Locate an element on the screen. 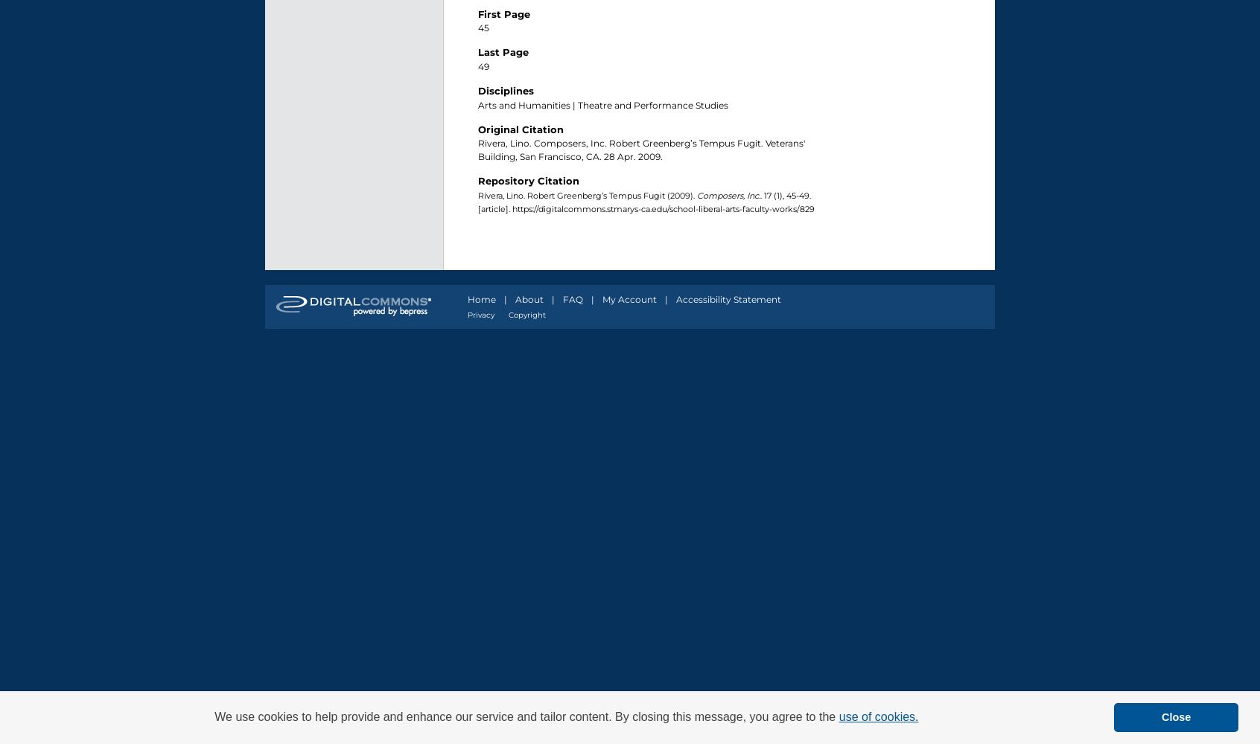 This screenshot has width=1260, height=744. 'Close' is located at coordinates (1175, 716).